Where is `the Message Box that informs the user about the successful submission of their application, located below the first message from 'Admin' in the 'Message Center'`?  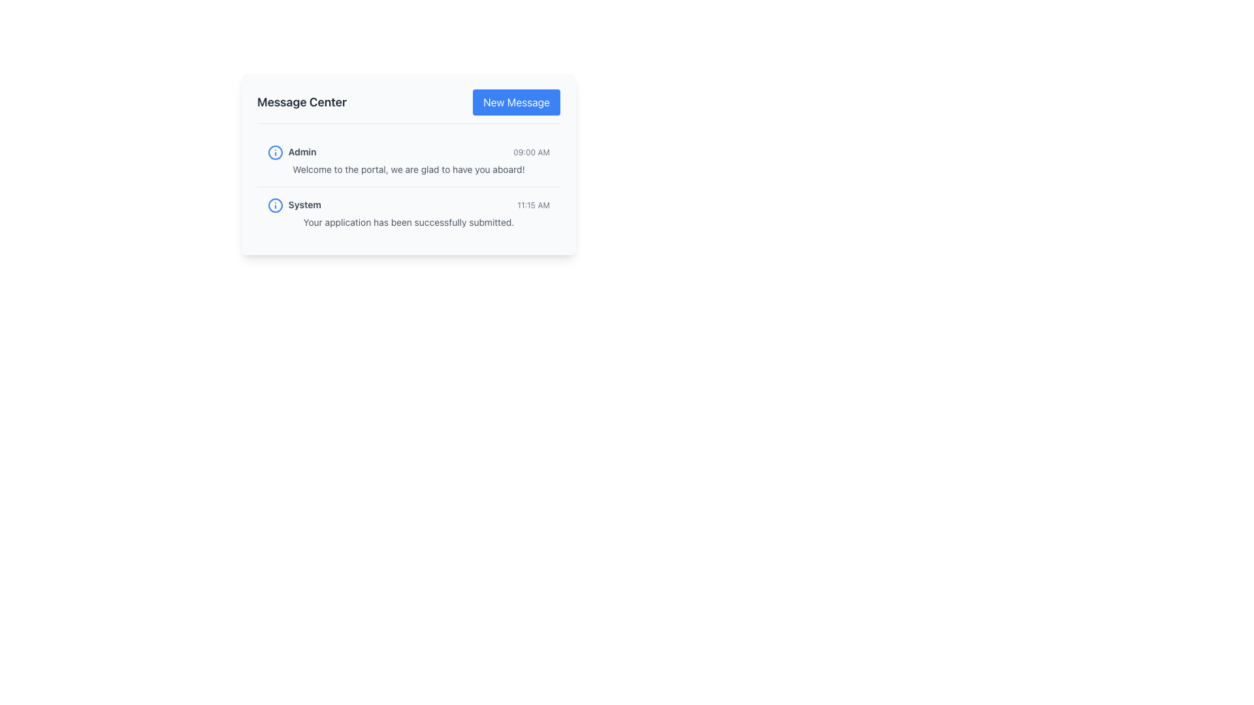 the Message Box that informs the user about the successful submission of their application, located below the first message from 'Admin' in the 'Message Center' is located at coordinates (408, 212).